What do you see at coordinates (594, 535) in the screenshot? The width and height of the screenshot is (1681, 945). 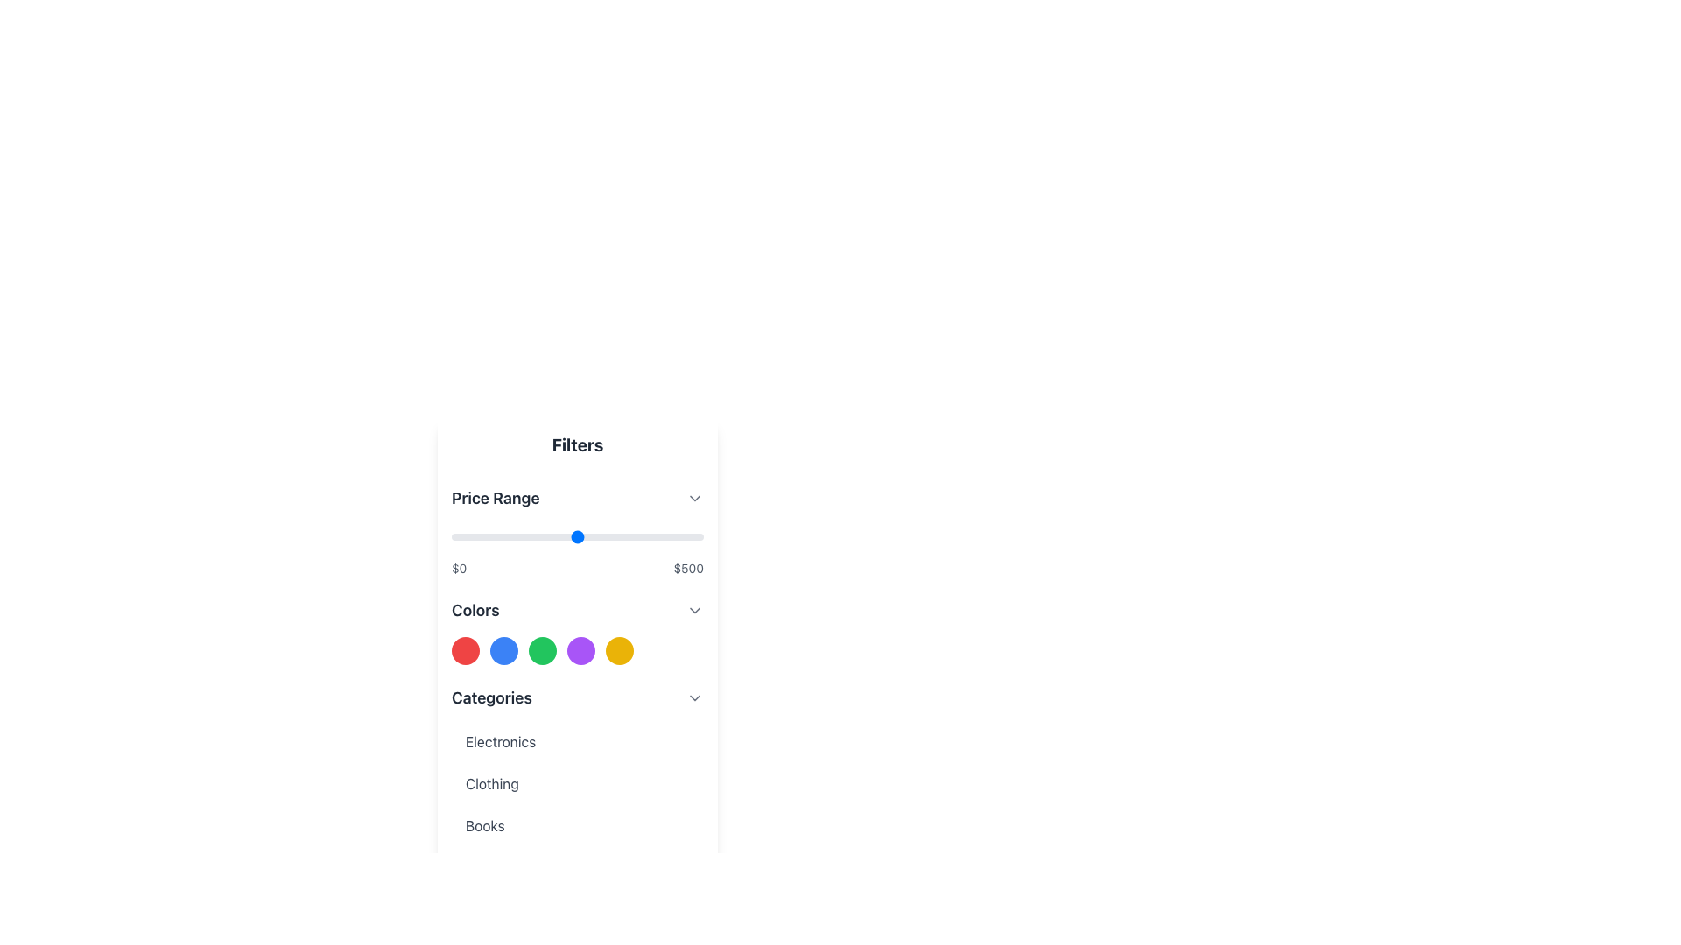 I see `the price range` at bounding box center [594, 535].